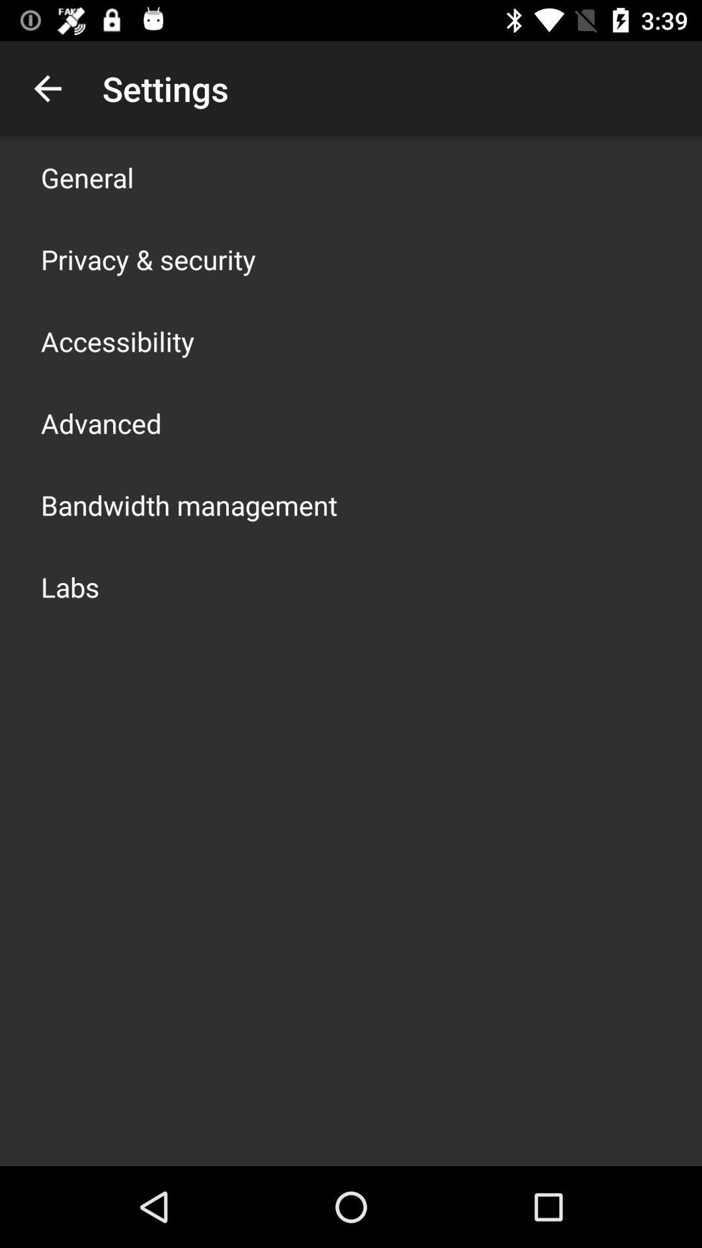 The height and width of the screenshot is (1248, 702). I want to click on the app above the accessibility item, so click(148, 259).